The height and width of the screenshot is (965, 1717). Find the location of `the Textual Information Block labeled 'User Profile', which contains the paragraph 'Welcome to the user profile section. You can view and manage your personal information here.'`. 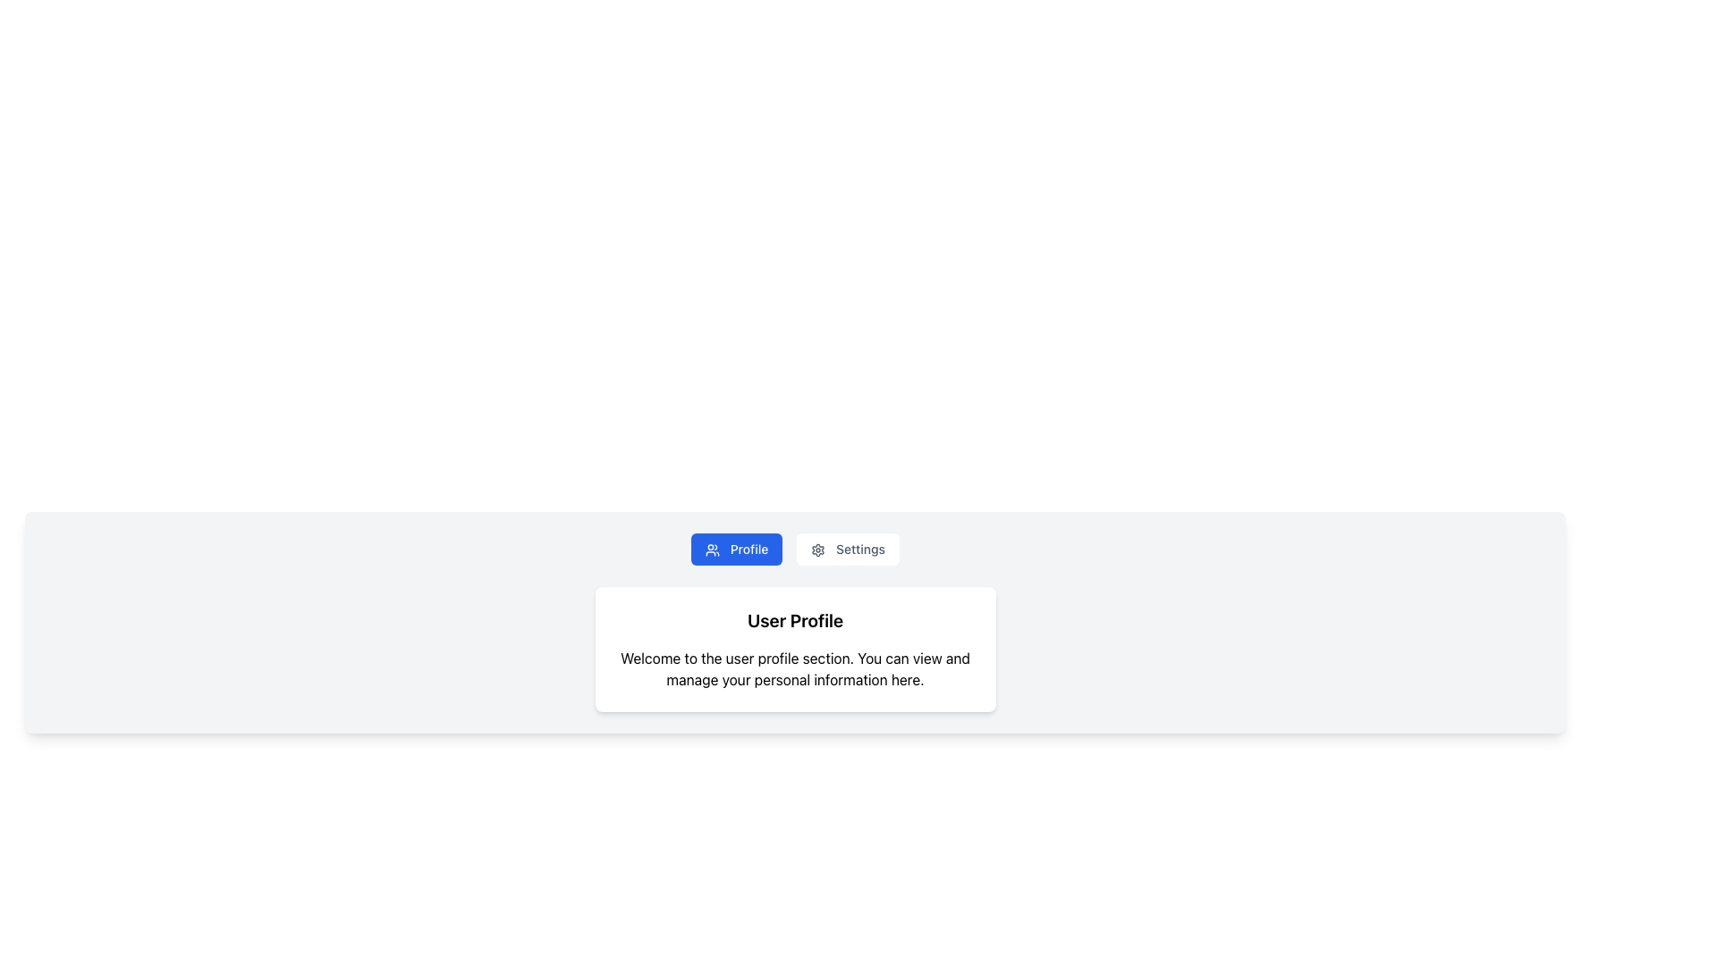

the Textual Information Block labeled 'User Profile', which contains the paragraph 'Welcome to the user profile section. You can view and manage your personal information here.' is located at coordinates (794, 649).